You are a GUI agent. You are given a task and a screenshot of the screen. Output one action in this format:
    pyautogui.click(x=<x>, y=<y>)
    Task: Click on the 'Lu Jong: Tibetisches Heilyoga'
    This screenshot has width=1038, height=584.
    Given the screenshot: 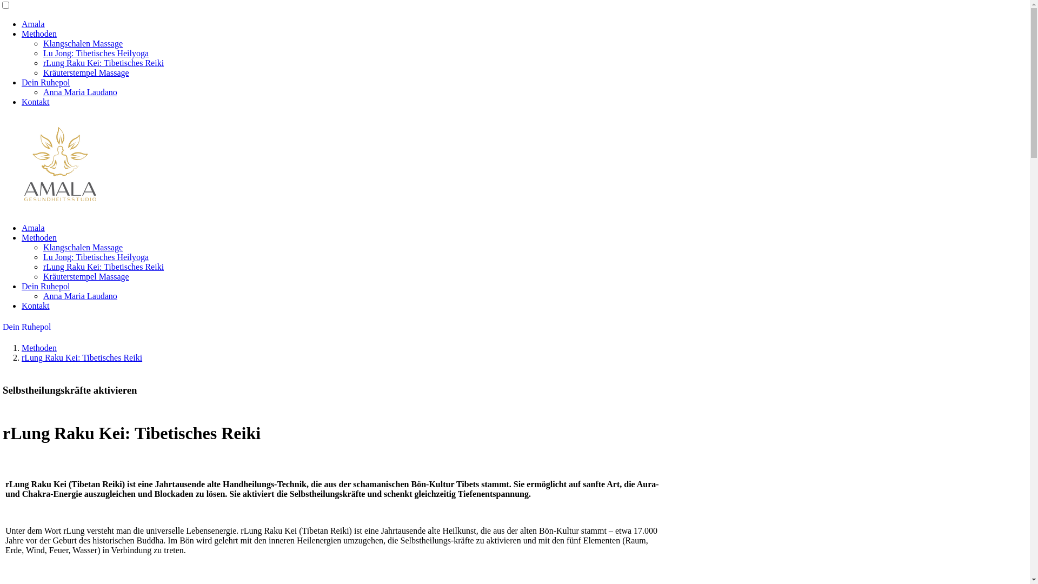 What is the action you would take?
    pyautogui.click(x=96, y=257)
    